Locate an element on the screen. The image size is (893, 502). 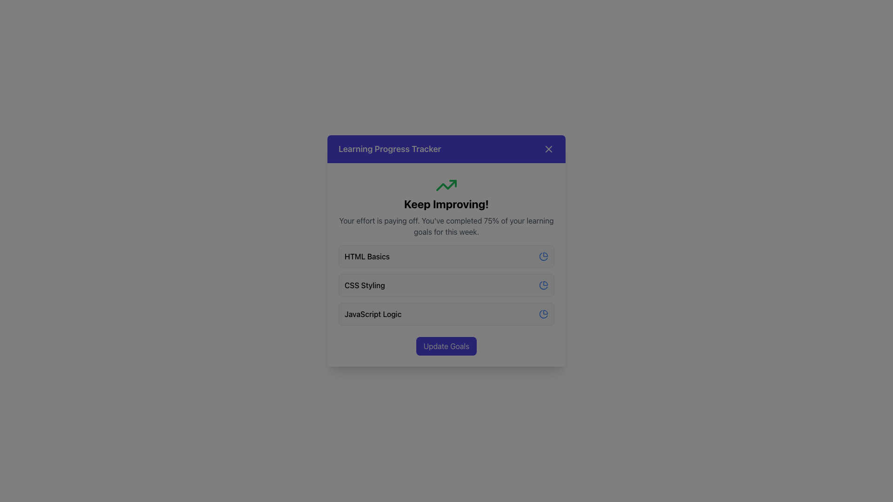
the progress icon located at the center of the modal dialog box, which is positioned above the title text 'Keep Improving!' and below the title bar labeled 'Learning Progress Tracker' is located at coordinates (446, 185).